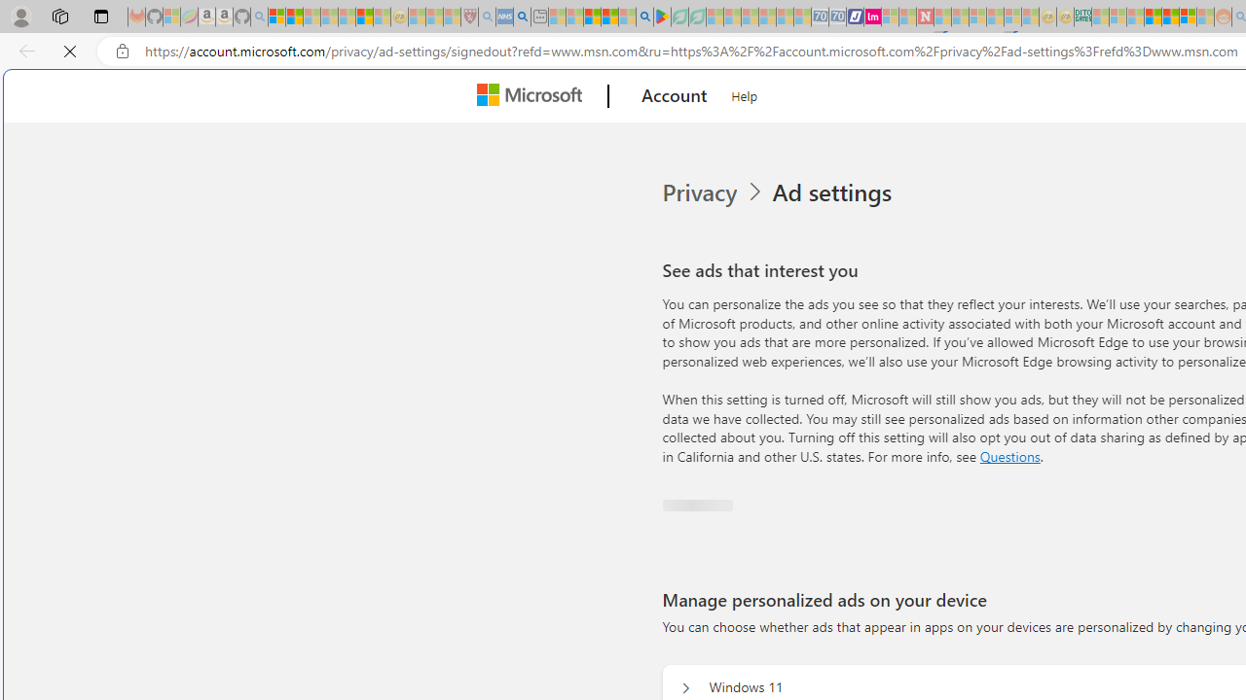 The height and width of the screenshot is (700, 1246). Describe the element at coordinates (871, 17) in the screenshot. I see `'Jobs - lastminute.com Investor Portal'` at that location.